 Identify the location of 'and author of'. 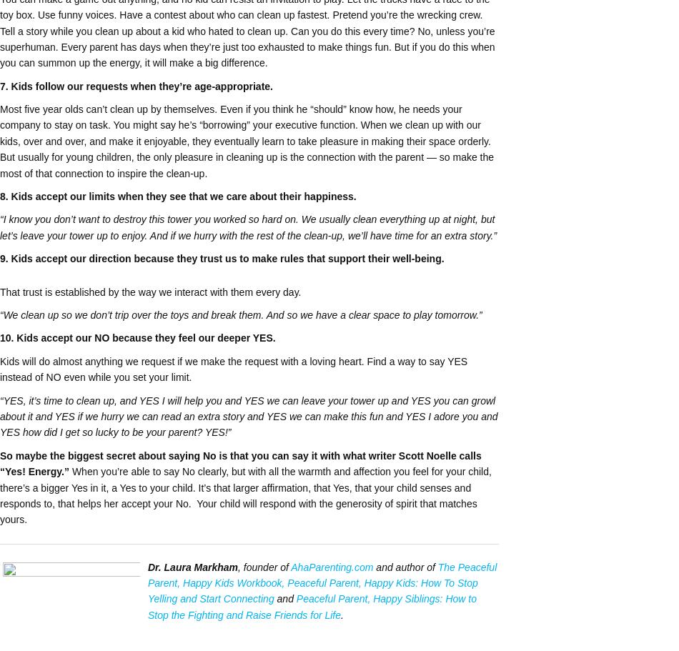
(405, 567).